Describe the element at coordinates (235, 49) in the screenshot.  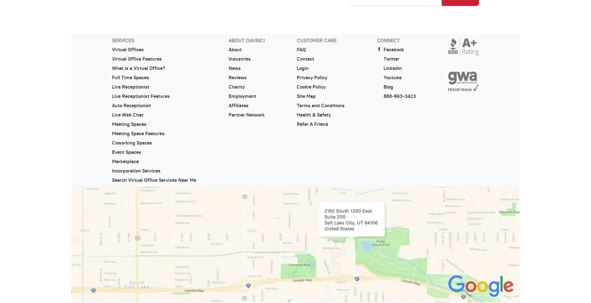
I see `'About'` at that location.